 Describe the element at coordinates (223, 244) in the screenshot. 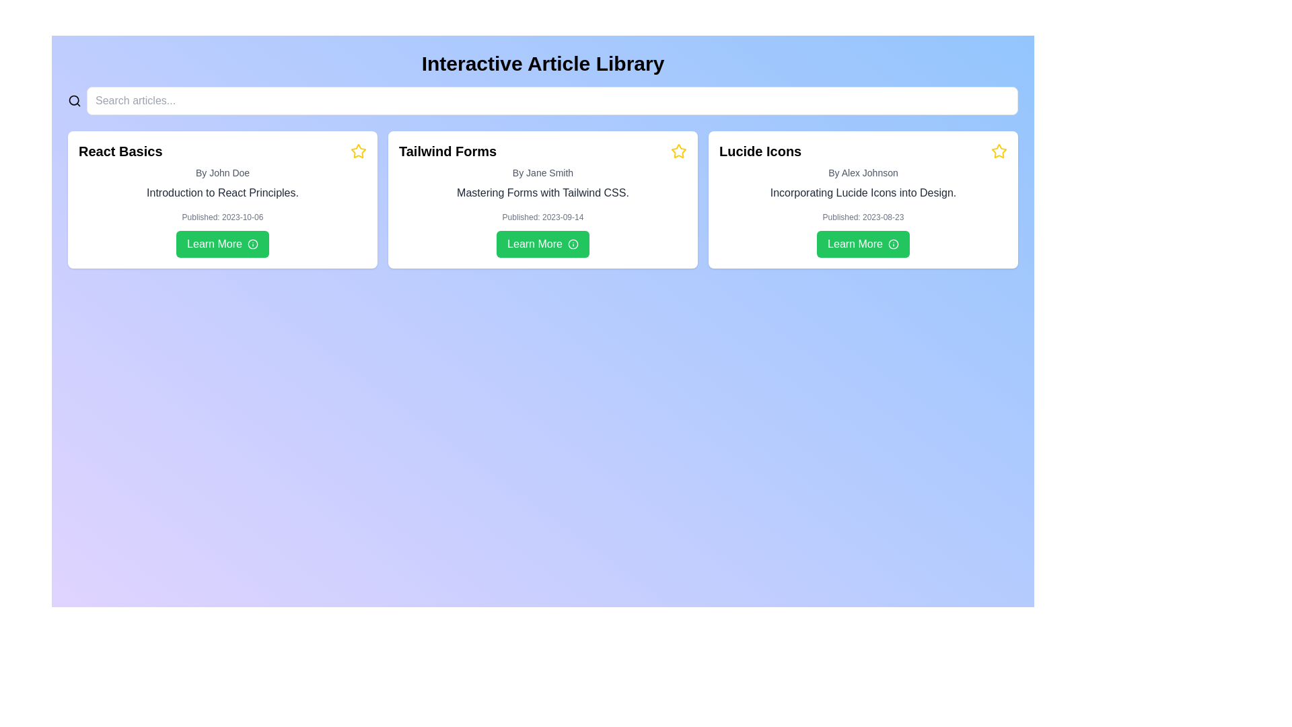

I see `the green button labeled 'Learn More' with an info icon, located at the bottom center of the 'React Basics' card in the 'Interactive Article Library' section` at that location.